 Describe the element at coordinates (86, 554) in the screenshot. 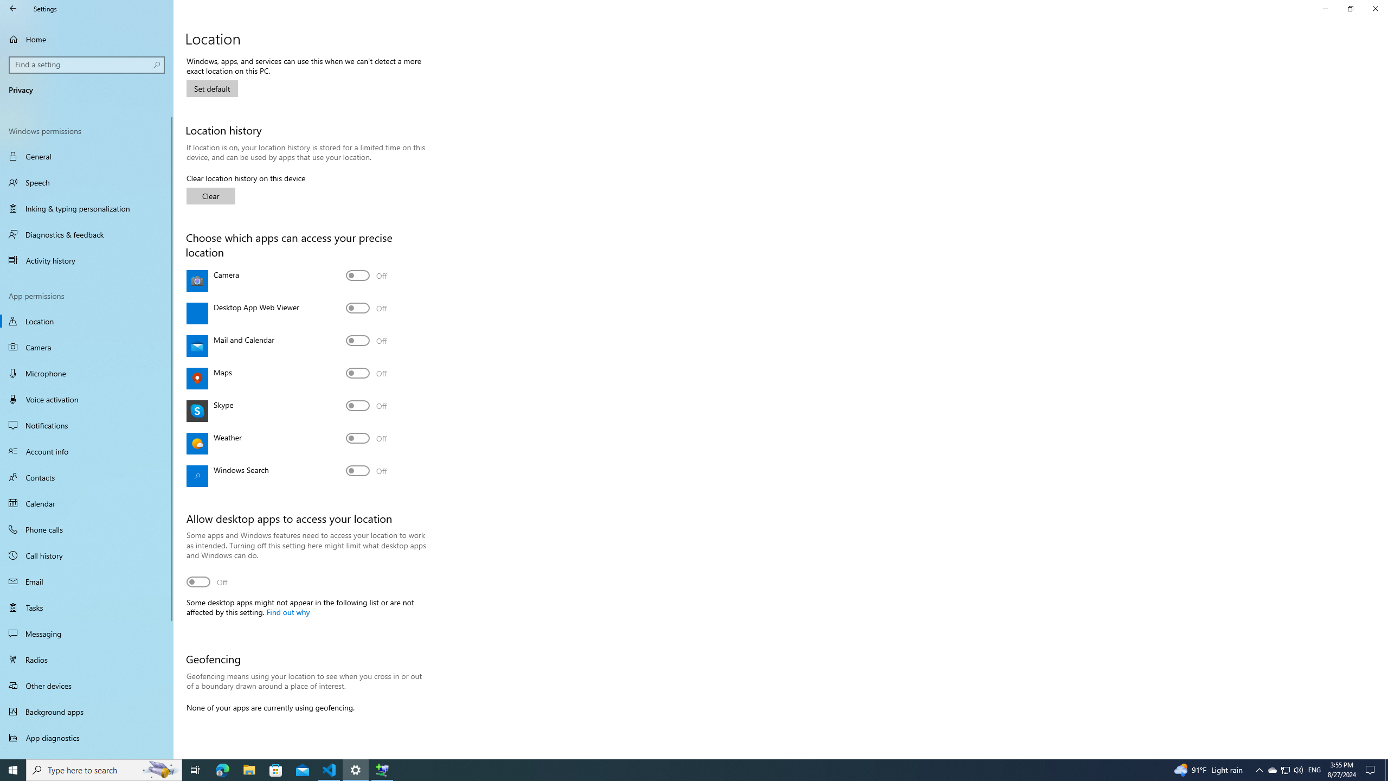

I see `'Call history'` at that location.